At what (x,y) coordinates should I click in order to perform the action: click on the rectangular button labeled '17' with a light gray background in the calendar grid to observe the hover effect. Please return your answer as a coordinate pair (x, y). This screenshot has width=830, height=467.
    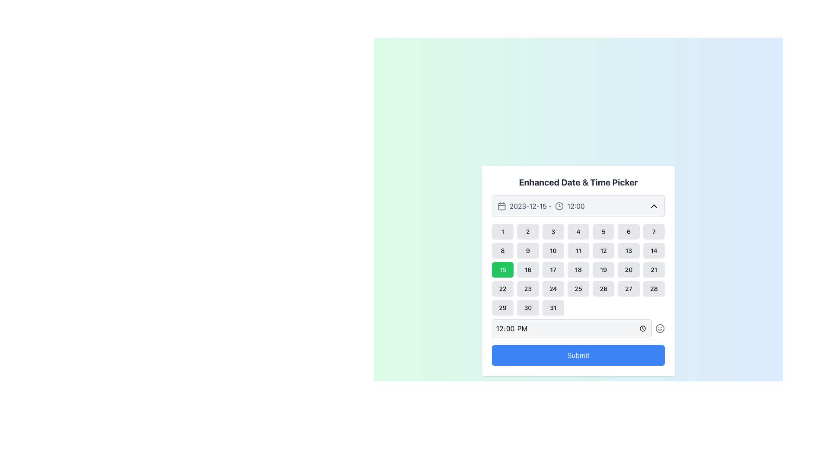
    Looking at the image, I should click on (552, 269).